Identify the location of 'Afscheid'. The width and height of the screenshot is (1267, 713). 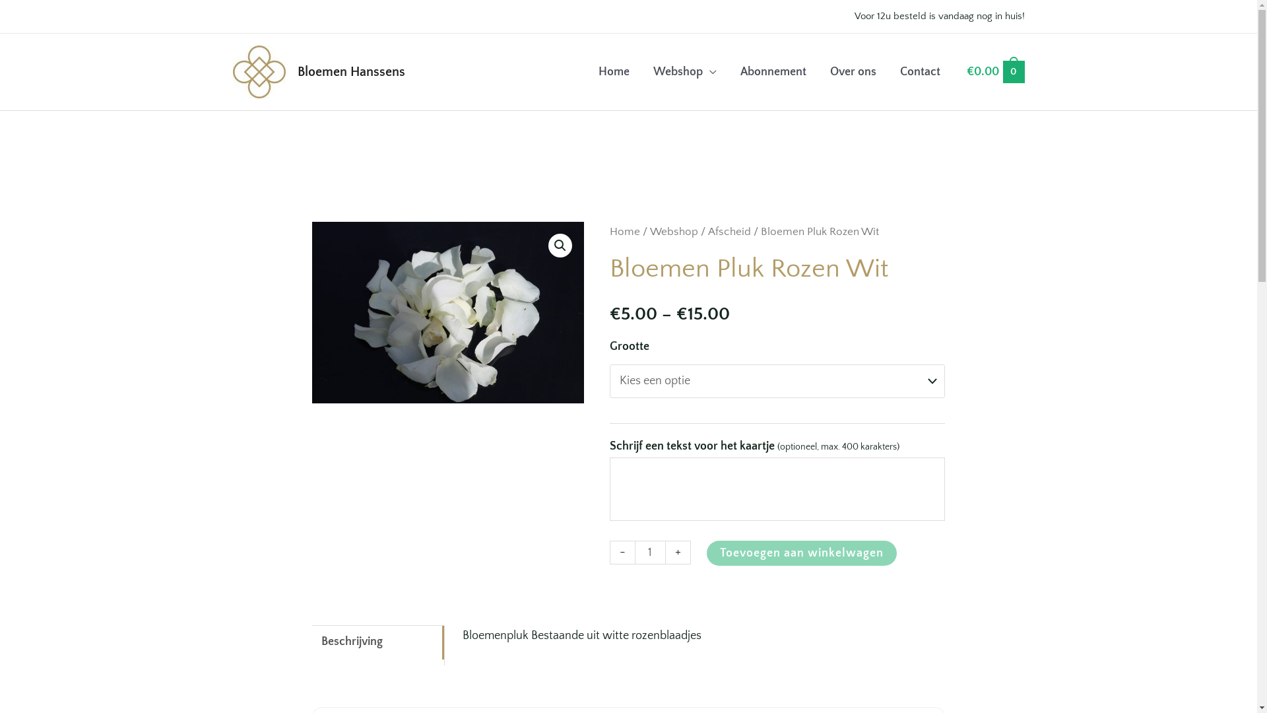
(707, 231).